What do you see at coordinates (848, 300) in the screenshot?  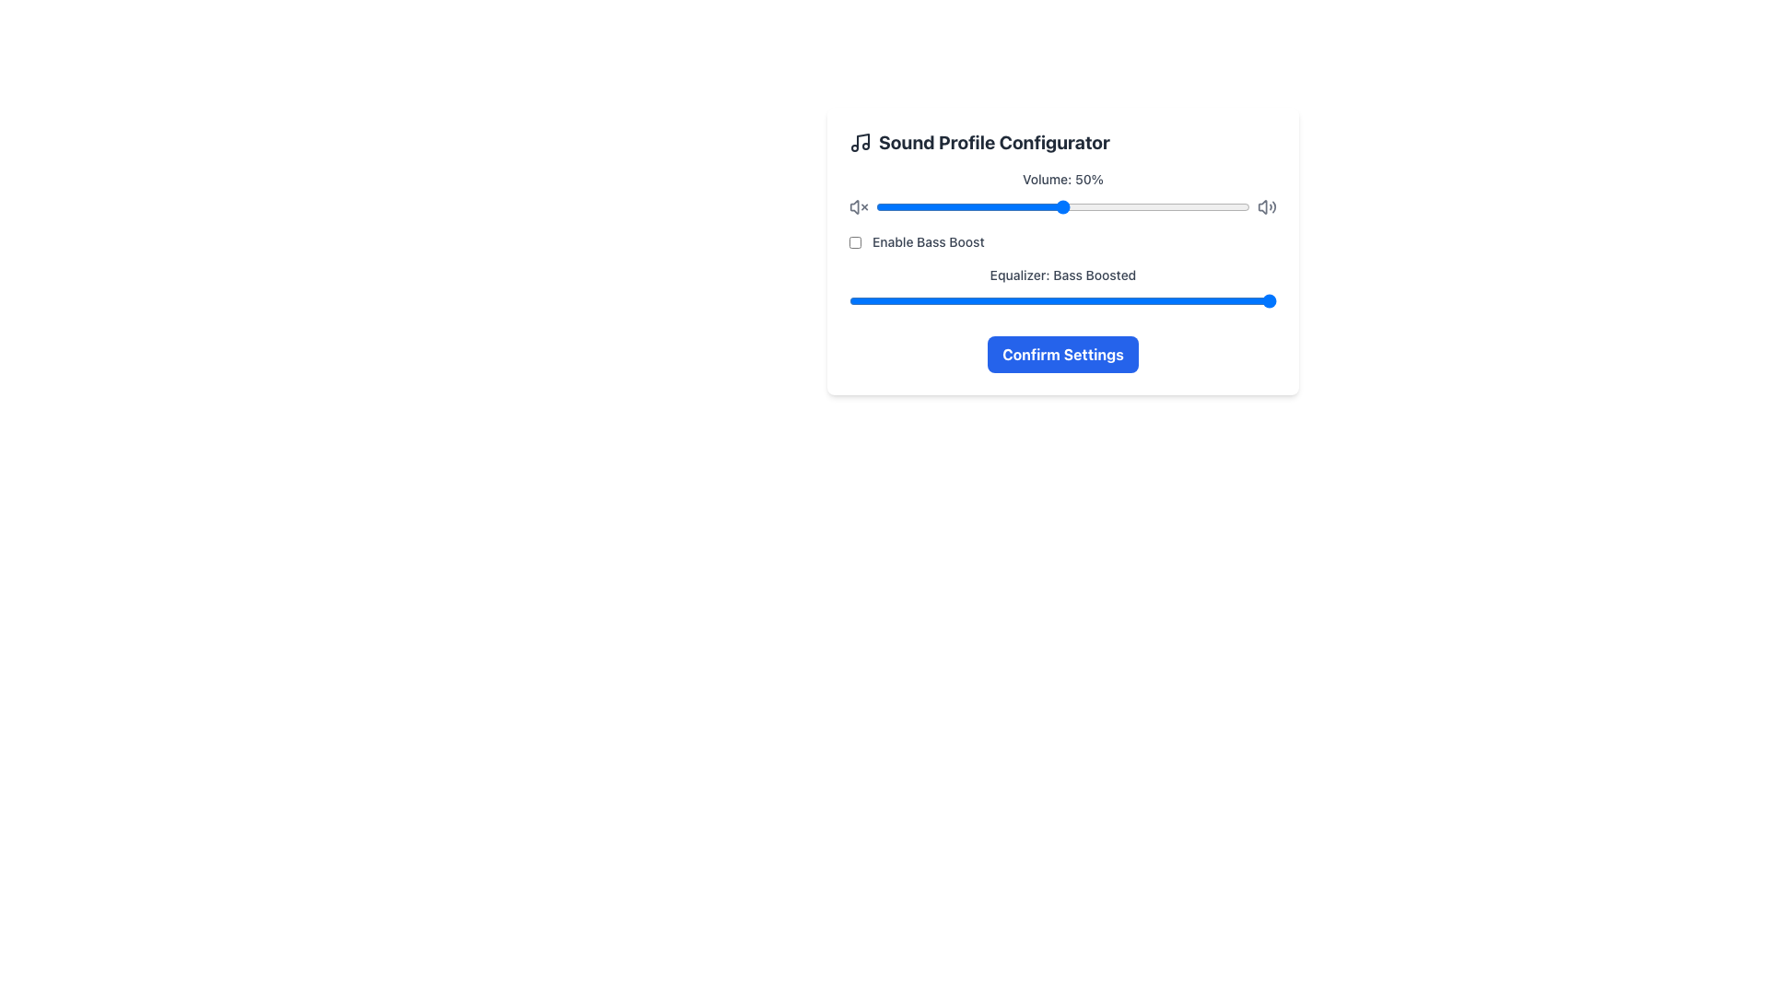 I see `the equalizer level` at bounding box center [848, 300].